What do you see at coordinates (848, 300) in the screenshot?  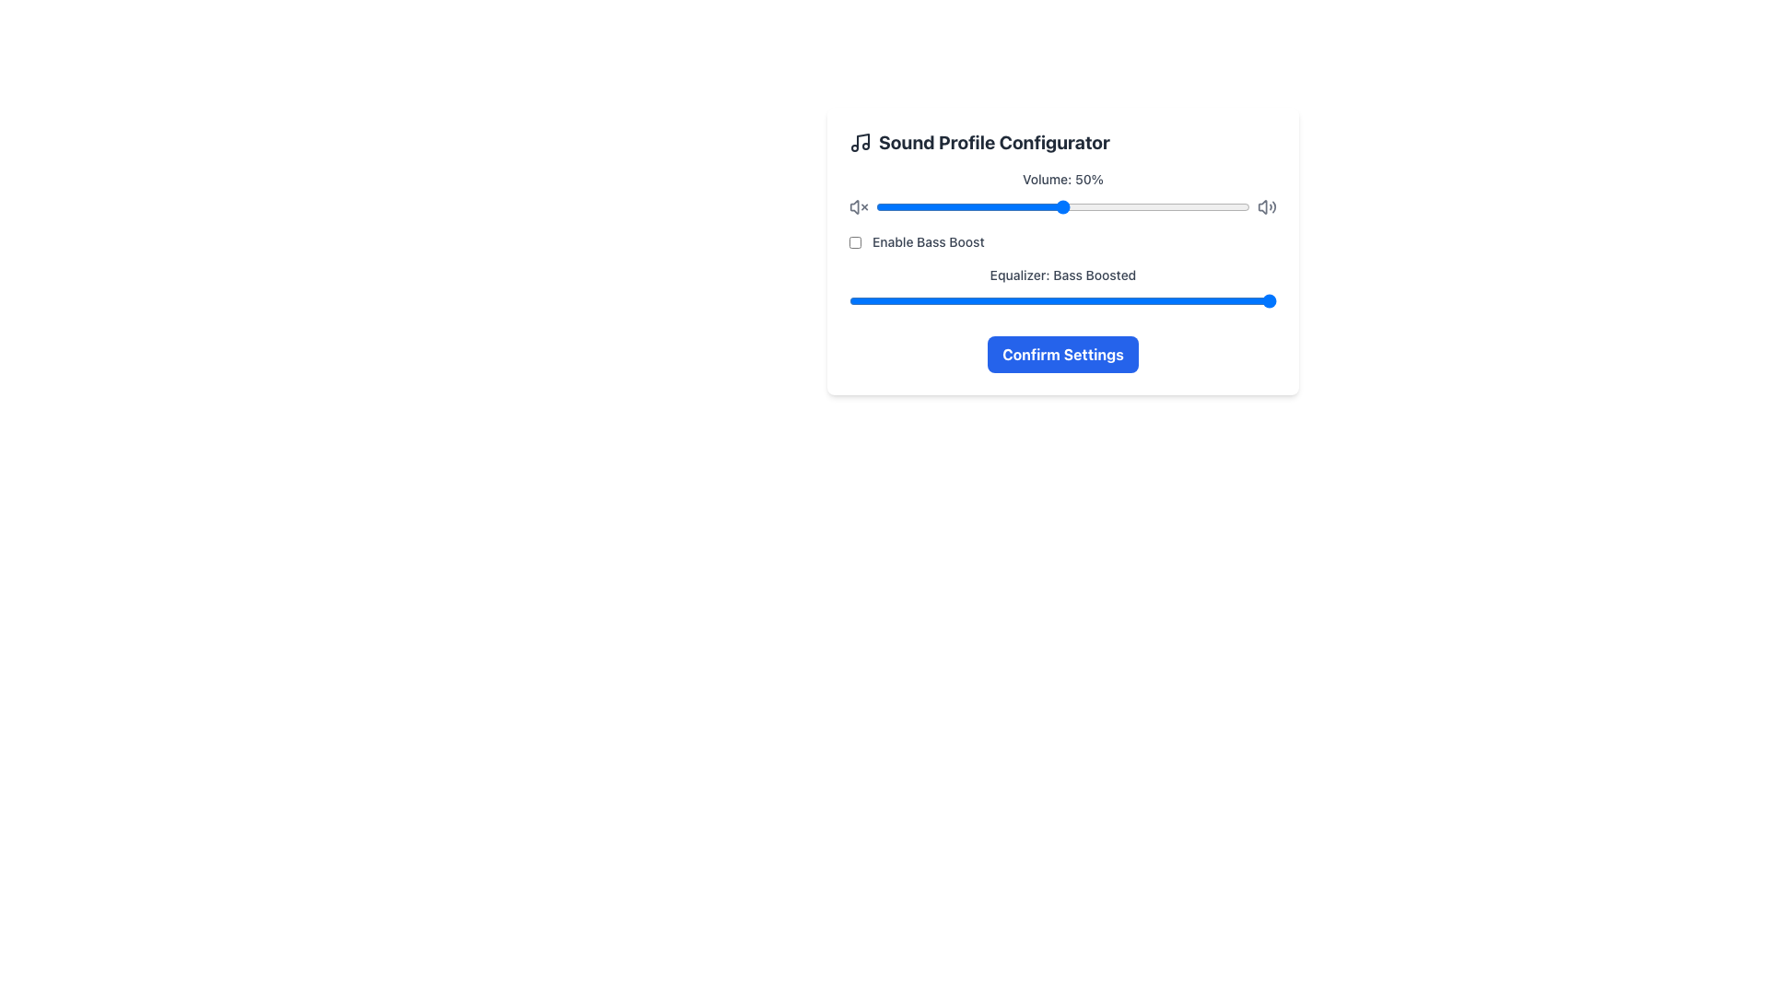 I see `the equalizer level` at bounding box center [848, 300].